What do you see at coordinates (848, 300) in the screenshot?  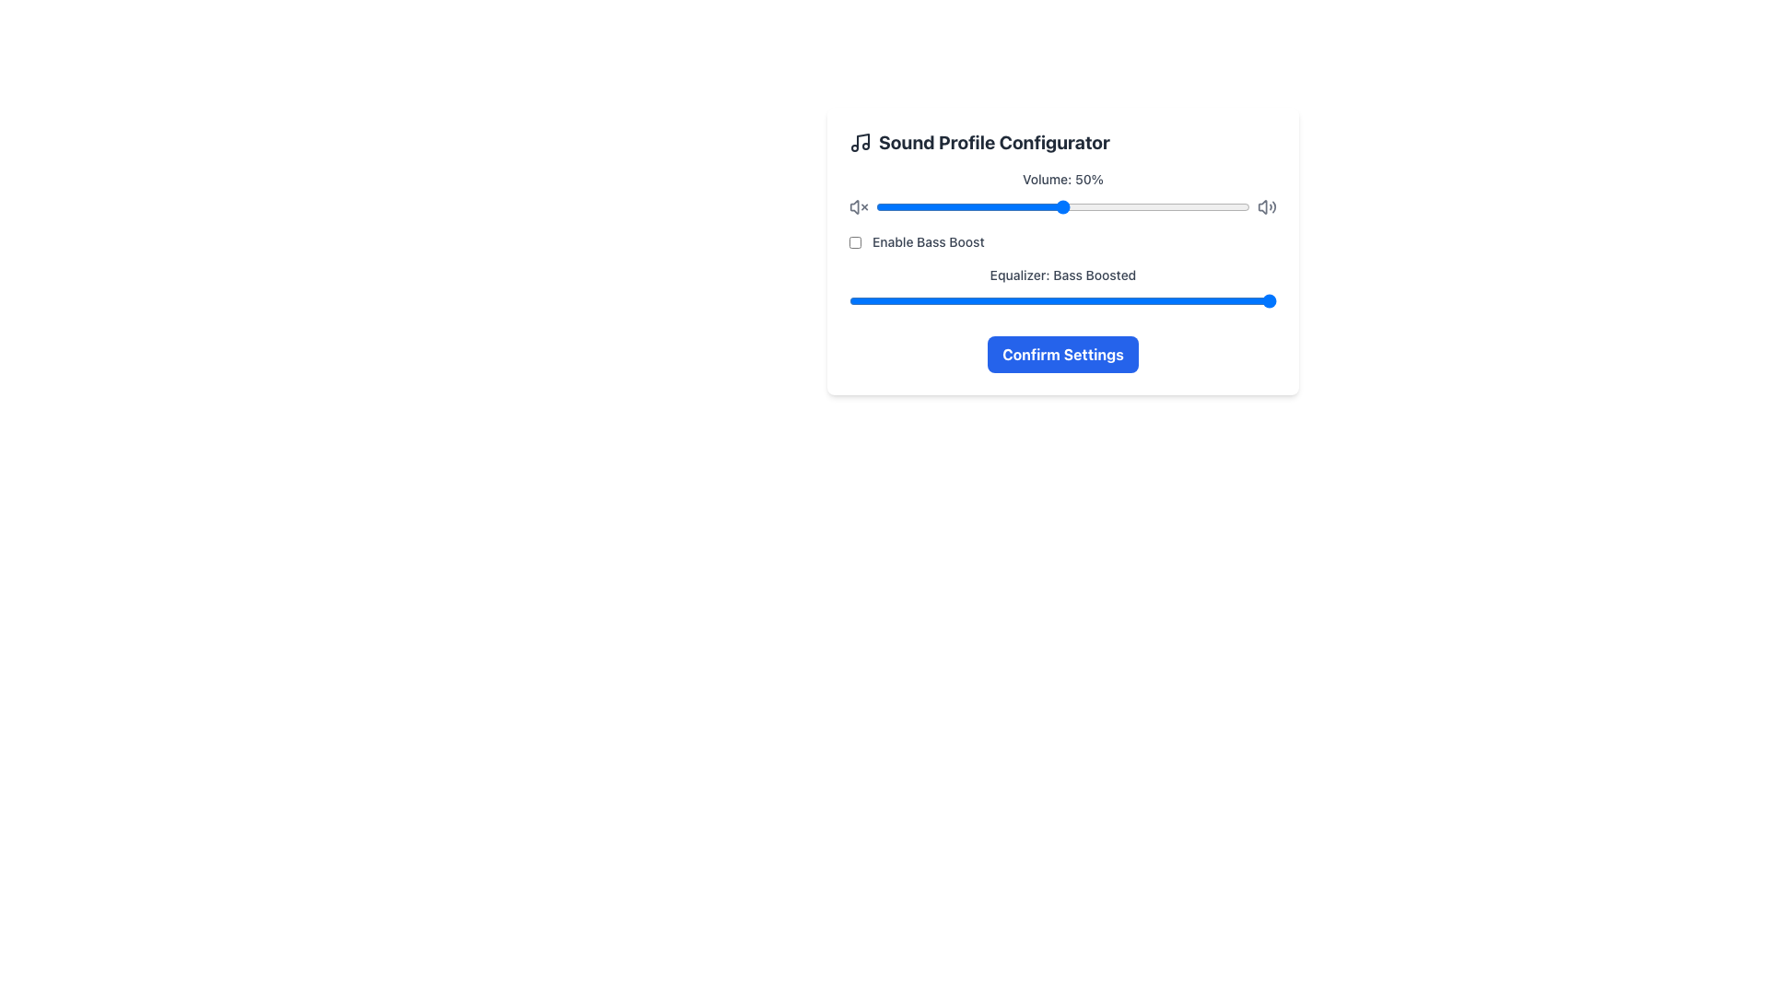 I see `the equalizer level` at bounding box center [848, 300].